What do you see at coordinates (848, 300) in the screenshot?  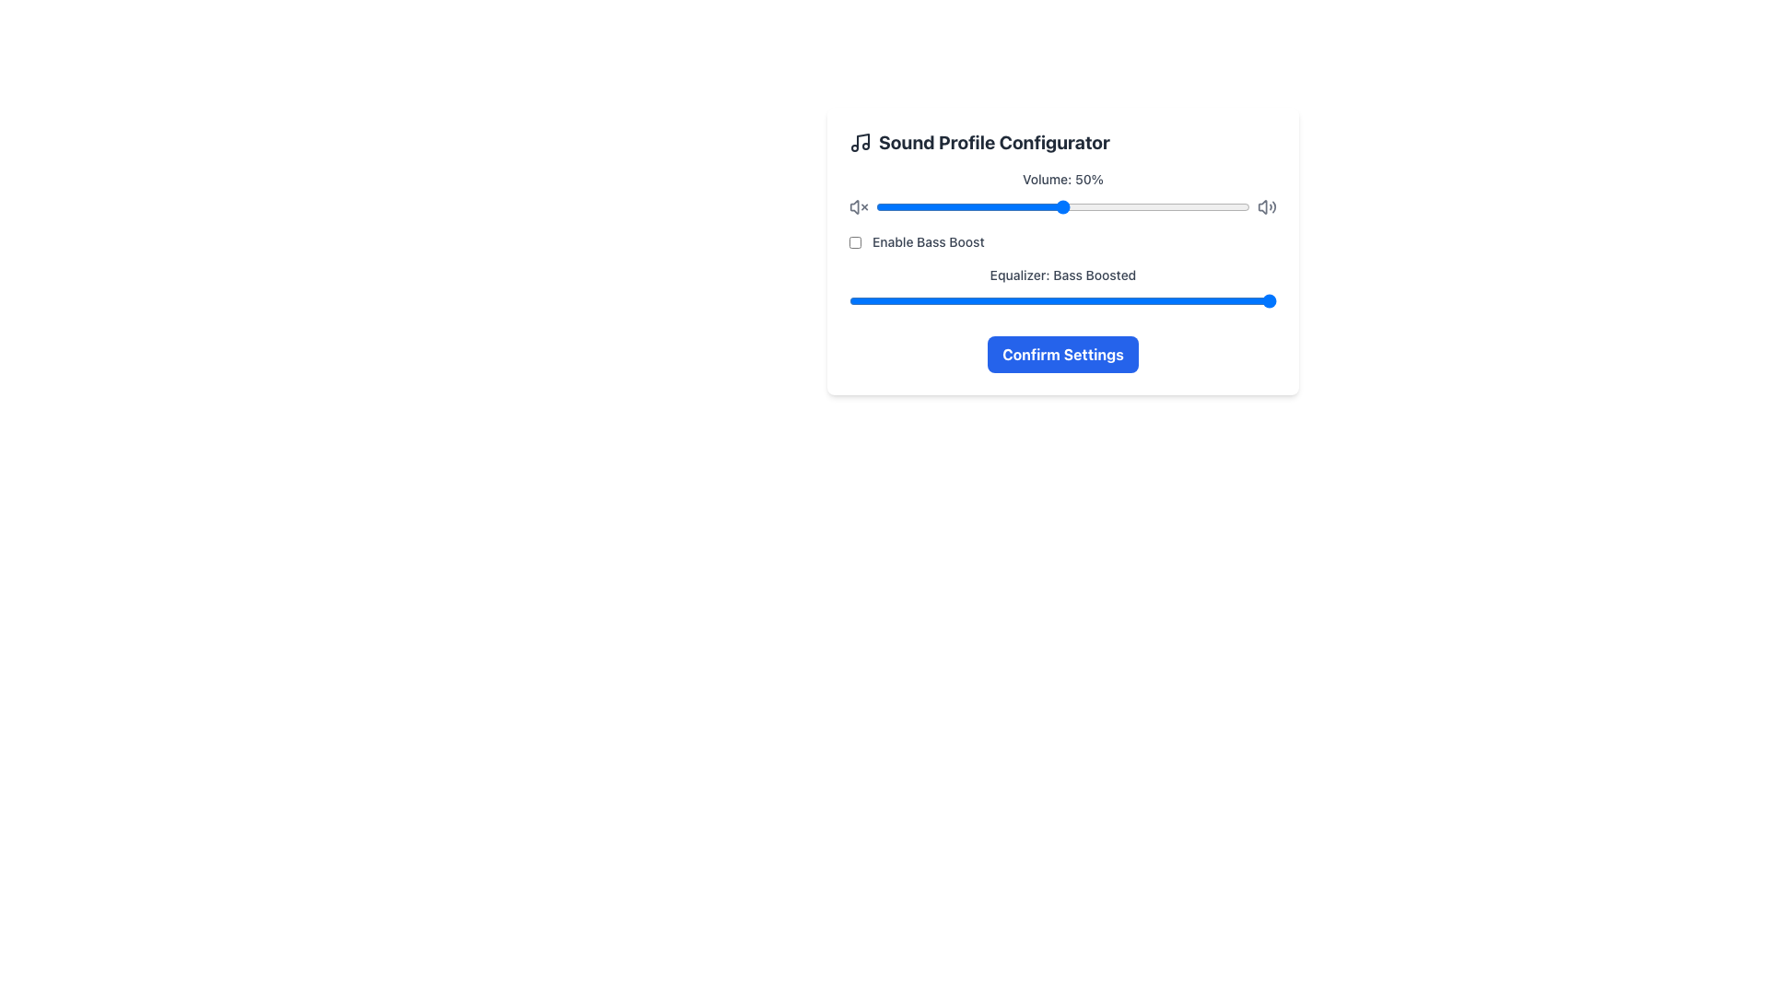 I see `the equalizer level` at bounding box center [848, 300].